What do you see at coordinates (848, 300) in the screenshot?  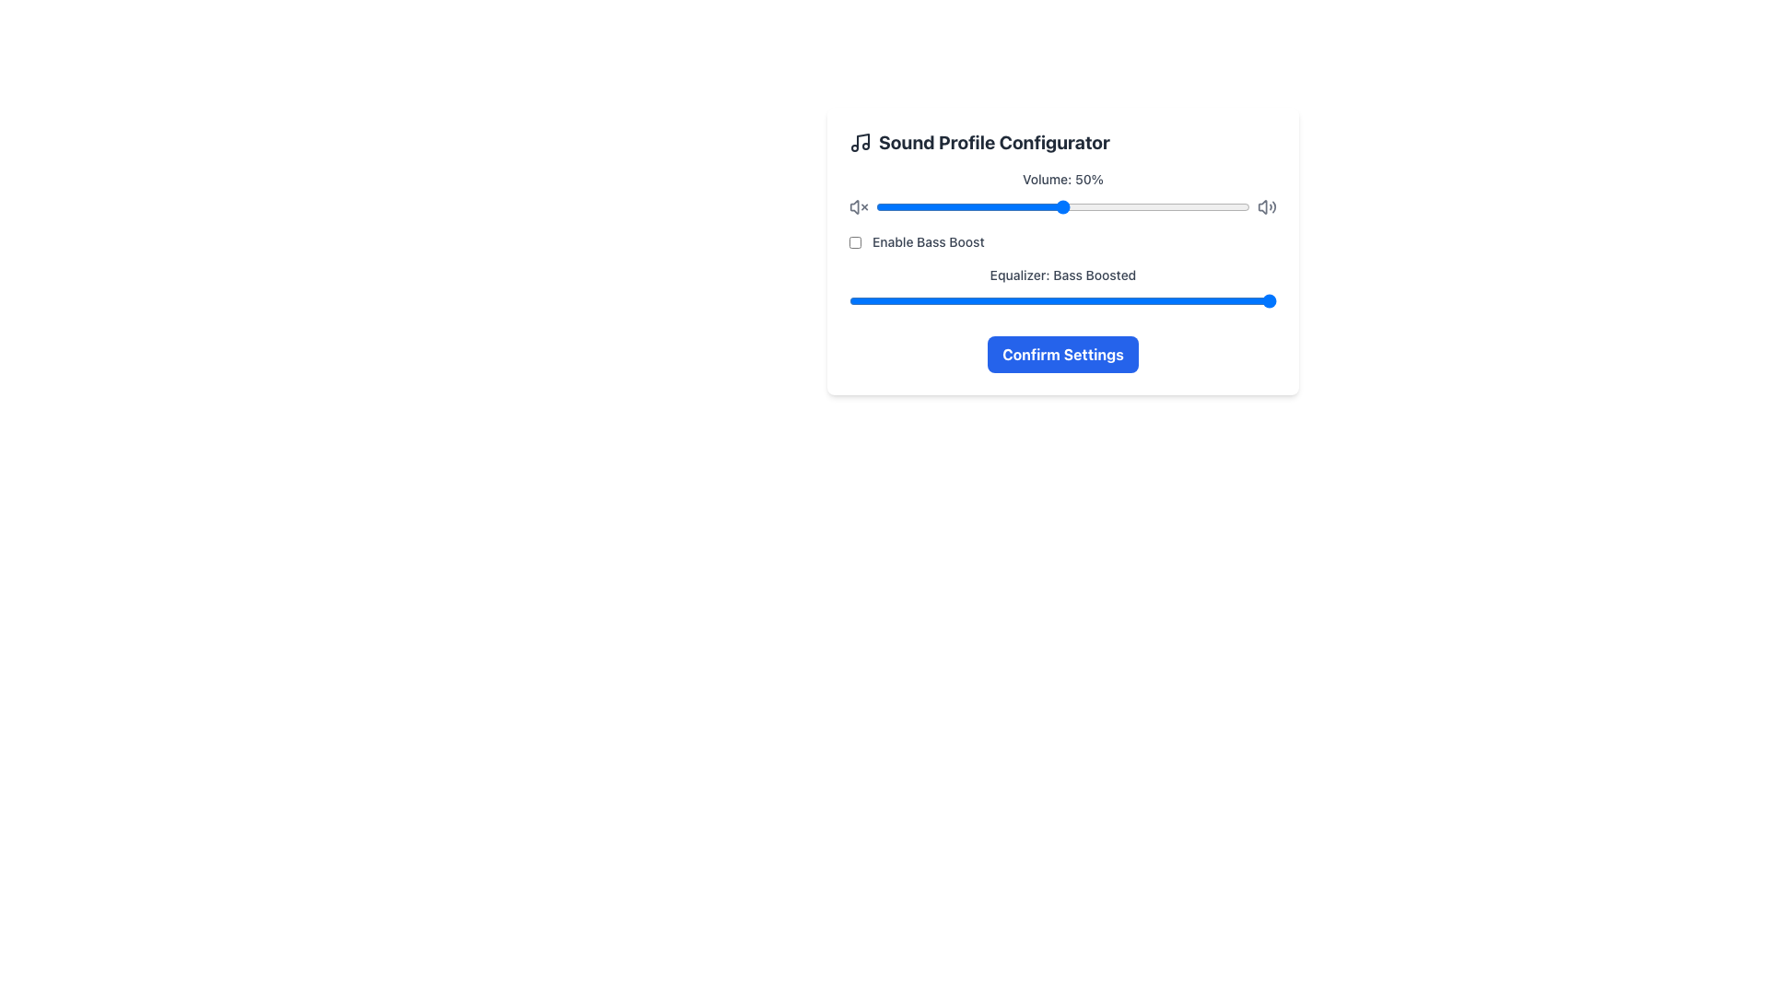 I see `the equalizer level` at bounding box center [848, 300].